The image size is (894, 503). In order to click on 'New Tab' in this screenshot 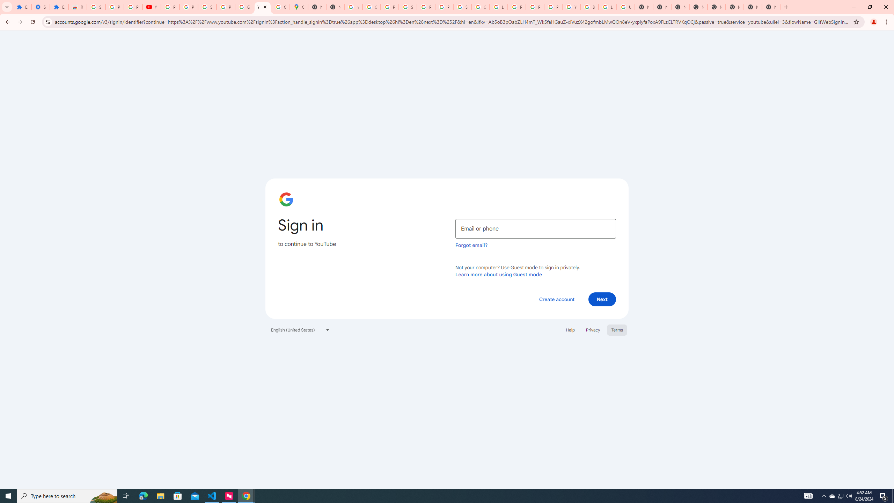, I will do `click(771, 7)`.